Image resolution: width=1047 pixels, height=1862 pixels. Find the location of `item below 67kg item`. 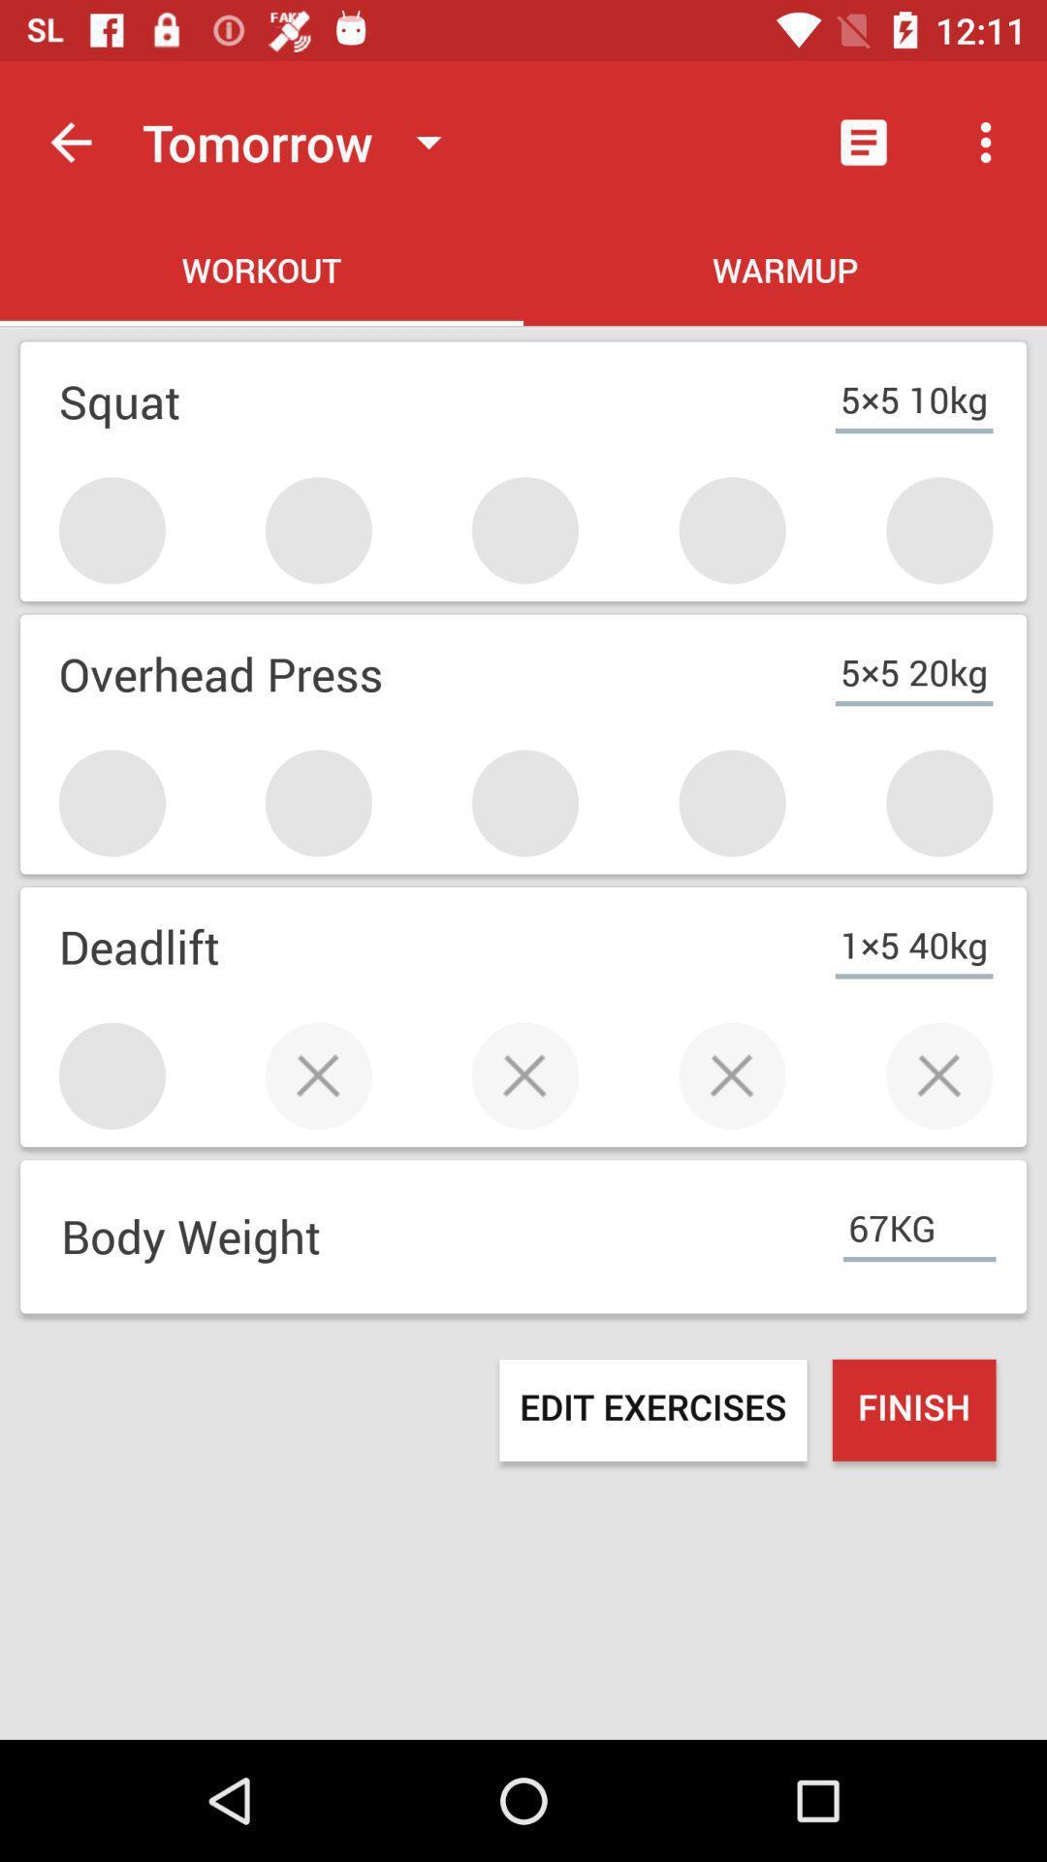

item below 67kg item is located at coordinates (914, 1410).